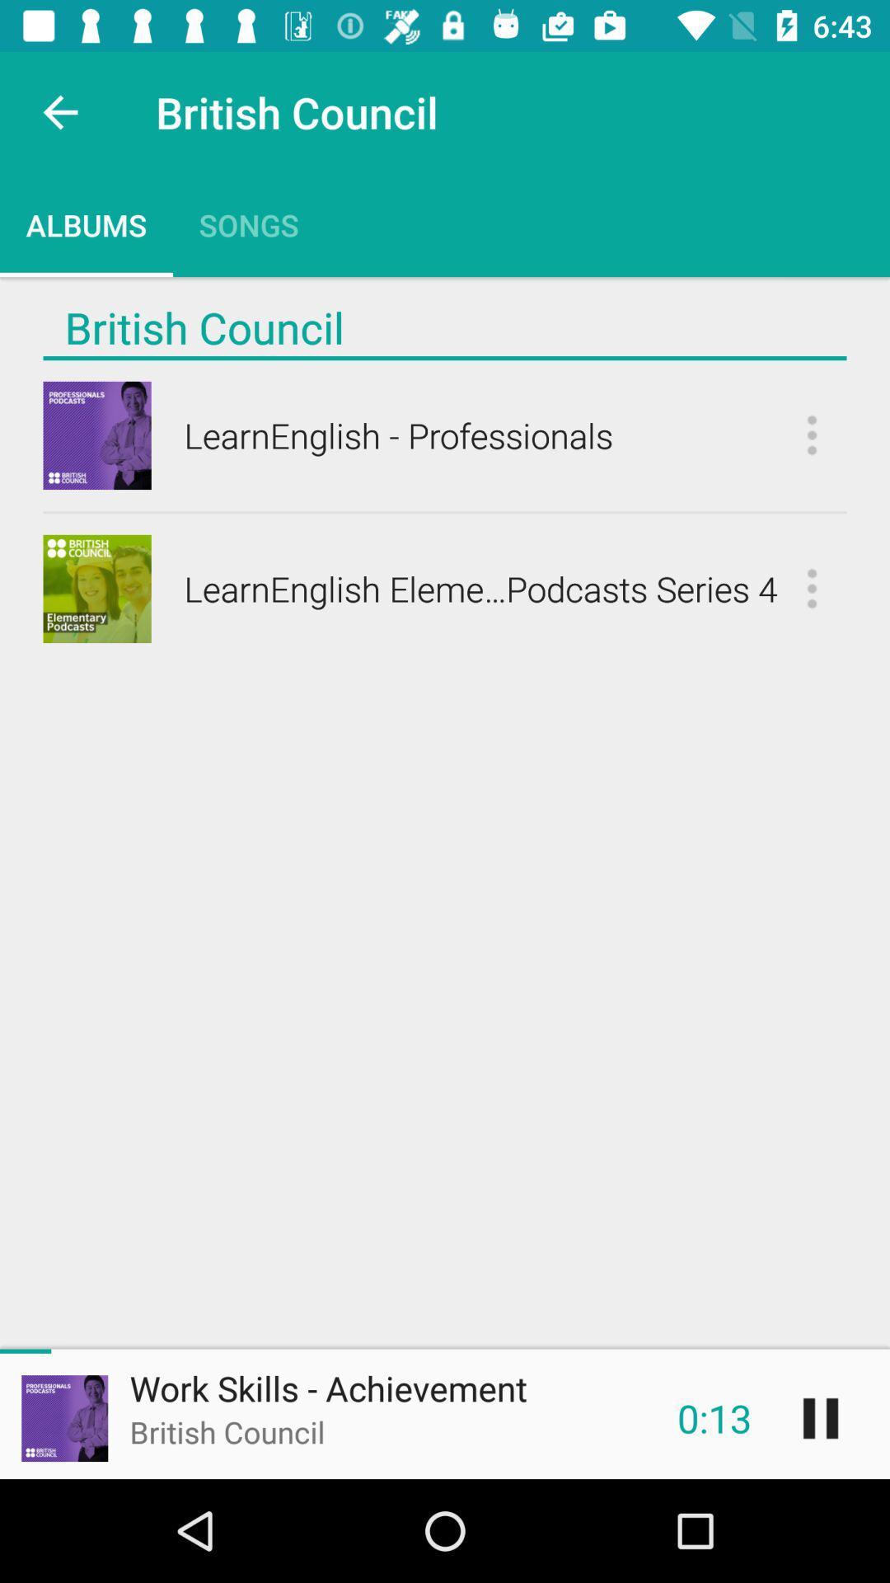 This screenshot has width=890, height=1583. What do you see at coordinates (820, 1417) in the screenshot?
I see `the pause icon` at bounding box center [820, 1417].